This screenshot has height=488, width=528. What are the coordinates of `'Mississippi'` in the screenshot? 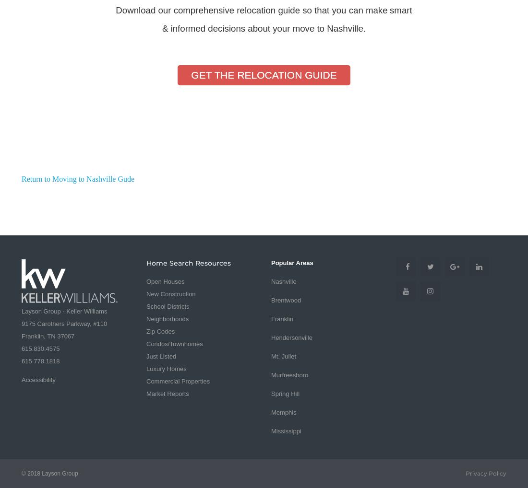 It's located at (285, 430).